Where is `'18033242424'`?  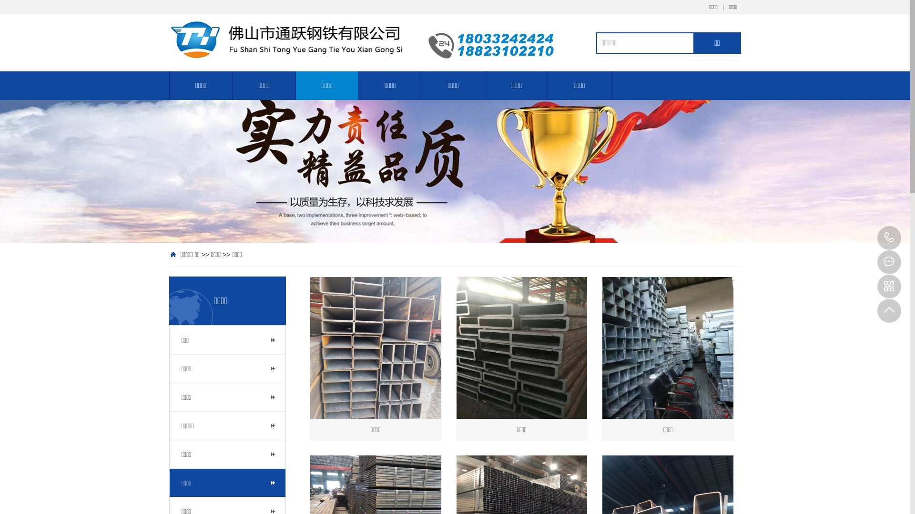 '18033242424' is located at coordinates (877, 237).